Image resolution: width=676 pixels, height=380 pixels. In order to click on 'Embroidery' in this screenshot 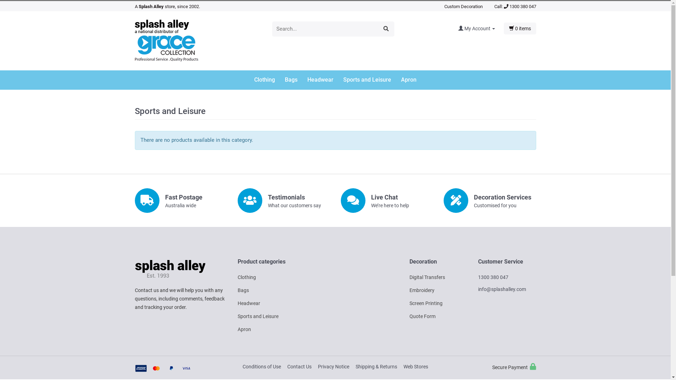, I will do `click(421, 290)`.